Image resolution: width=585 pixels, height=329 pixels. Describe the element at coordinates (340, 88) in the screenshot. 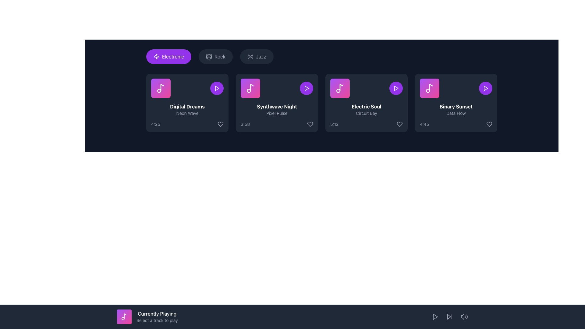

I see `the square icon with a gradient background transitioning from purple to pink and a white musical note symbol in the center` at that location.